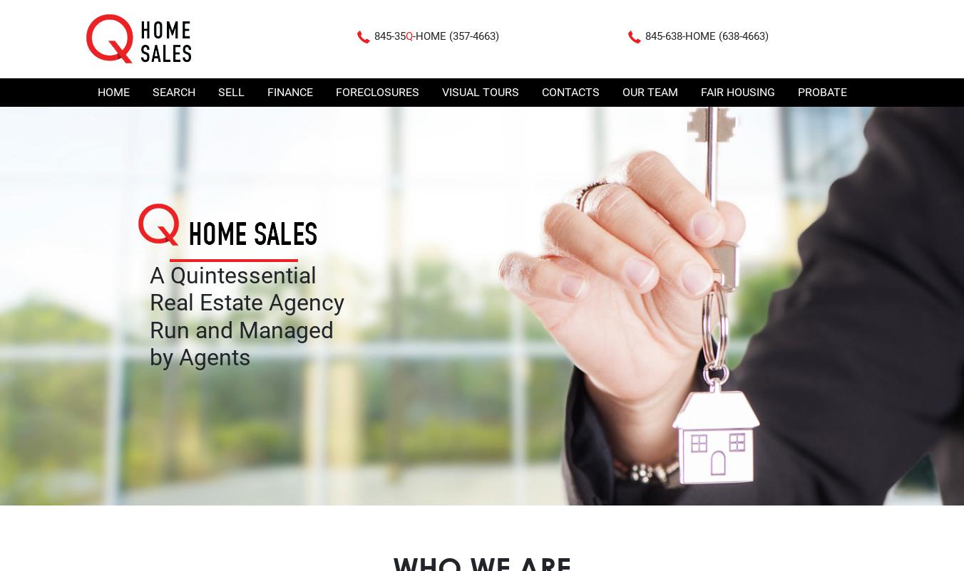 The width and height of the screenshot is (964, 571). I want to click on '-HOME (357-4663)', so click(456, 36).